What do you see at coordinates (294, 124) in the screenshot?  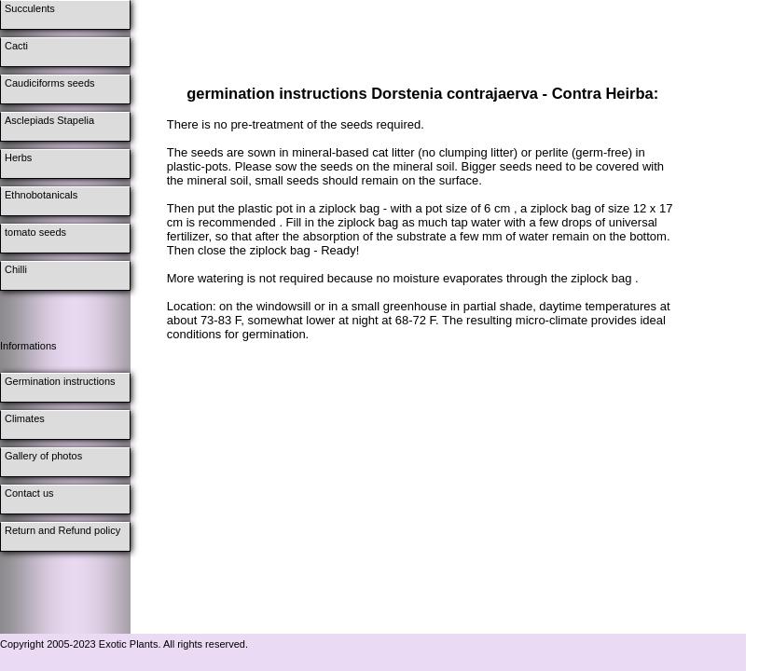 I see `'There is no pre-treatment of the seeds required.'` at bounding box center [294, 124].